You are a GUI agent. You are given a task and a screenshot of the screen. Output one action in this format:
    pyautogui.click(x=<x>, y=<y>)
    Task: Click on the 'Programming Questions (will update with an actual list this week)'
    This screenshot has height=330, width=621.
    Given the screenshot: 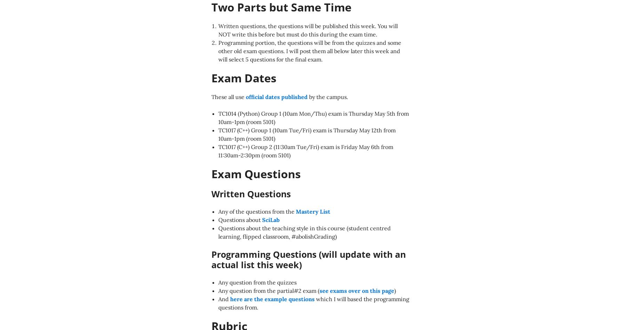 What is the action you would take?
    pyautogui.click(x=308, y=259)
    